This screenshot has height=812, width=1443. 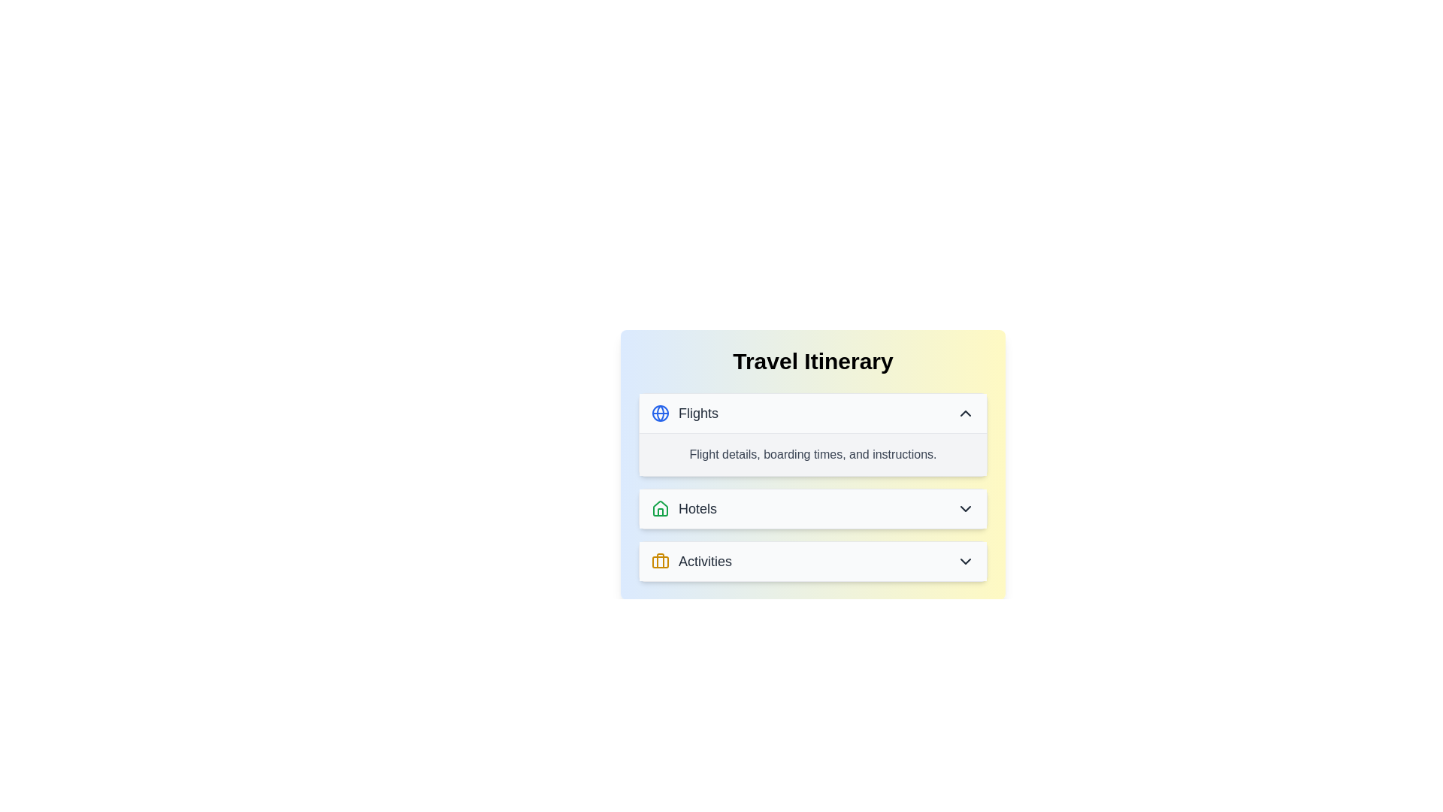 What do you see at coordinates (660, 414) in the screenshot?
I see `the blue circular globe icon with a white outline next to the text 'Flights' in the 'Travel Itinerary' card interface` at bounding box center [660, 414].